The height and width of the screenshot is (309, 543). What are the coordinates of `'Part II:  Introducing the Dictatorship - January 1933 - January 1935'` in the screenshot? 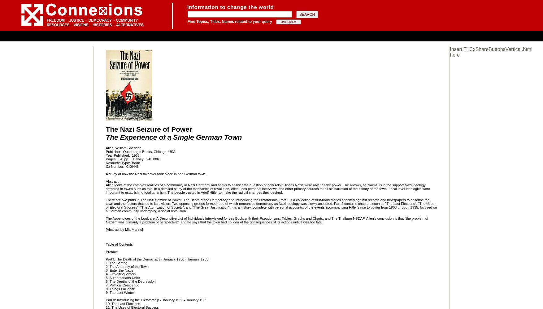 It's located at (105, 300).